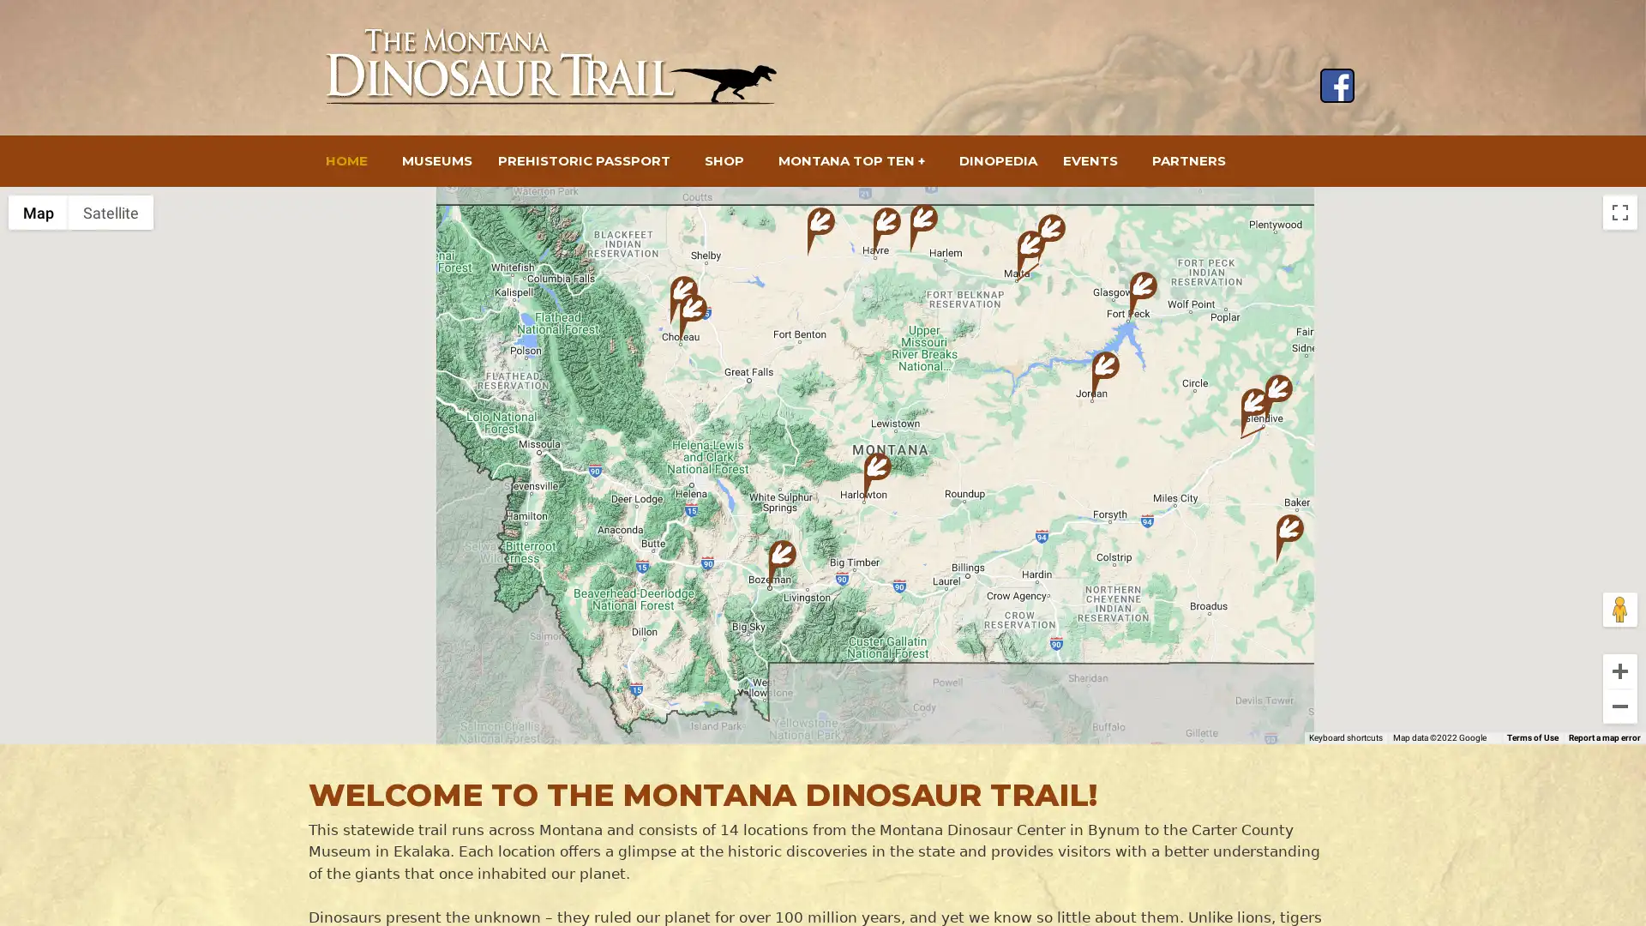 The image size is (1646, 926). Describe the element at coordinates (1619, 707) in the screenshot. I see `Zoom out` at that location.